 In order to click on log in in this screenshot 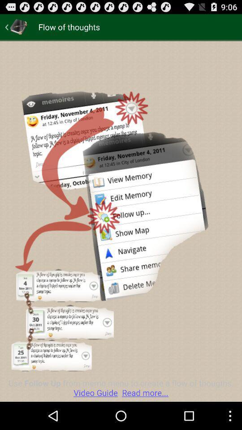, I will do `click(16, 26)`.